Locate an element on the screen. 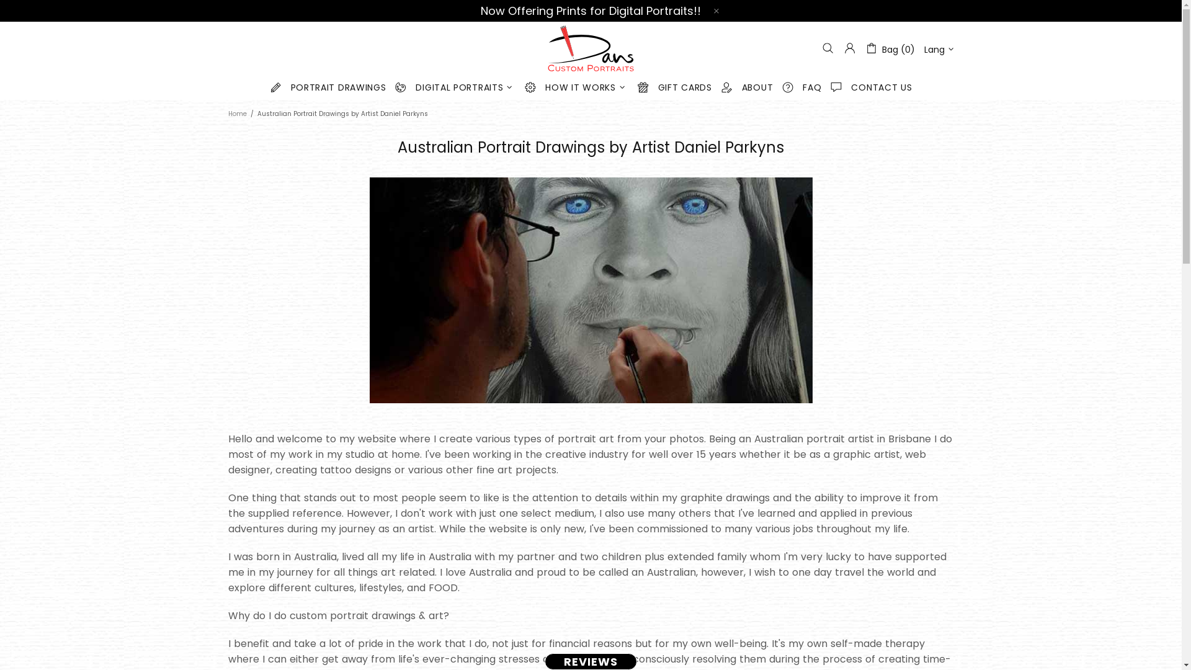 Image resolution: width=1191 pixels, height=670 pixels. 'Dans Custom Portraits' is located at coordinates (589, 47).